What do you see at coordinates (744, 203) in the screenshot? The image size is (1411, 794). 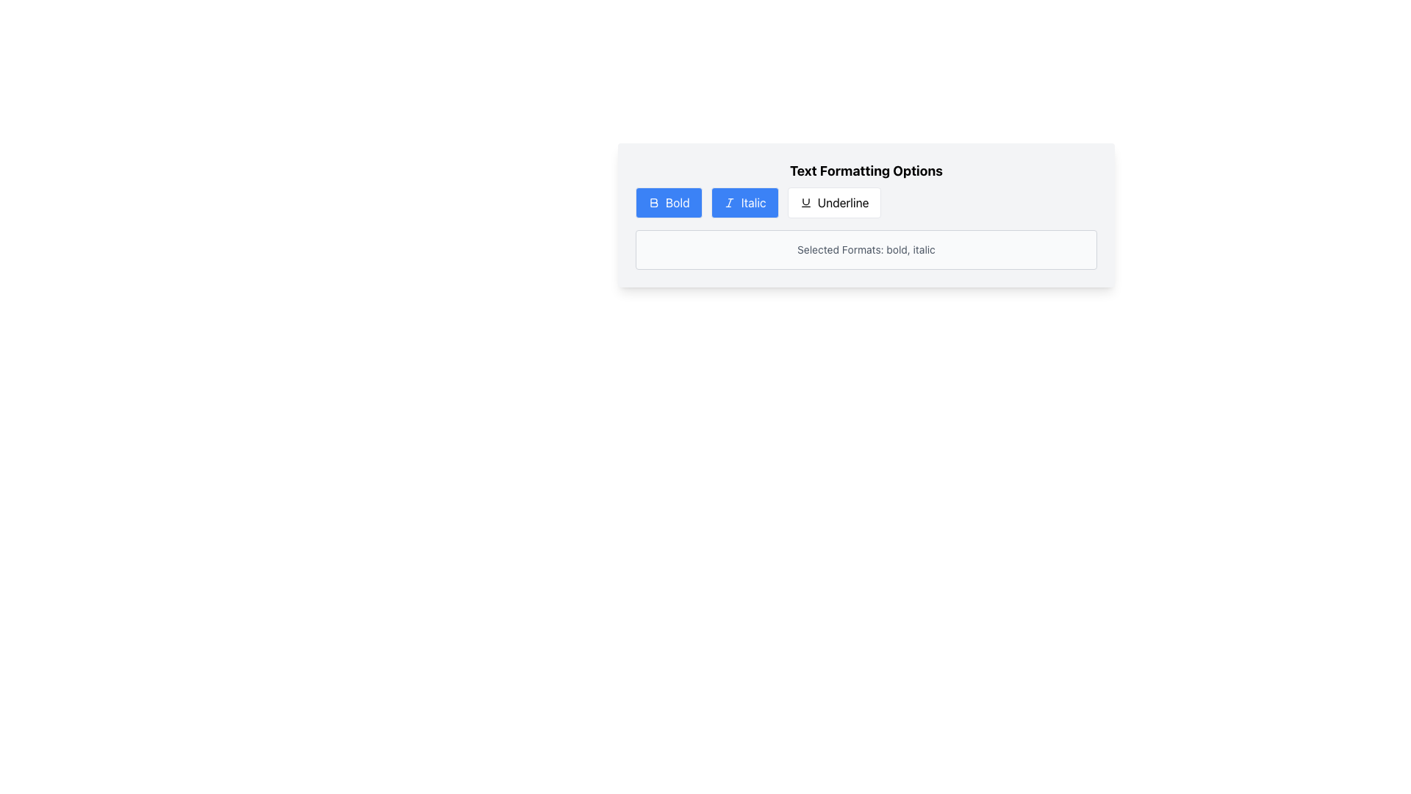 I see `the second button in the formatting options row` at bounding box center [744, 203].